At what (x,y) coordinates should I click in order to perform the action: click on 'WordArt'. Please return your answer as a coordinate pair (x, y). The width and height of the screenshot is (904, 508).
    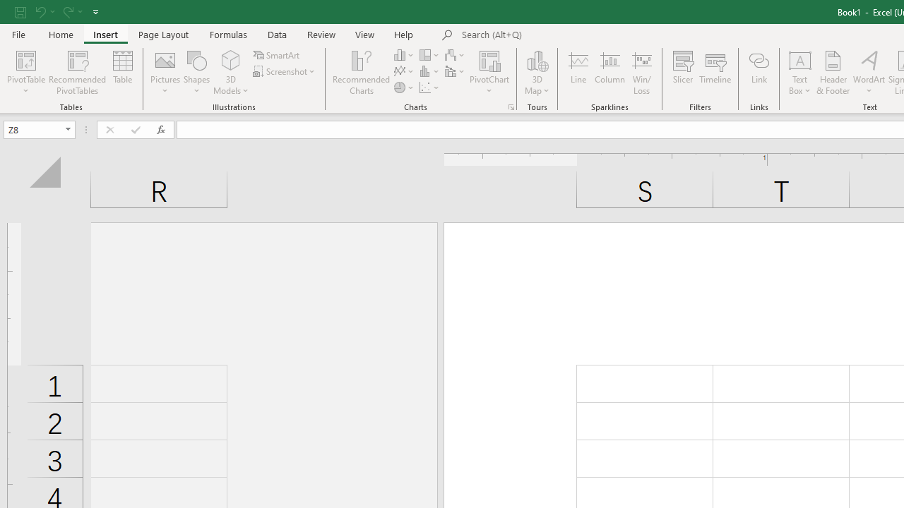
    Looking at the image, I should click on (868, 73).